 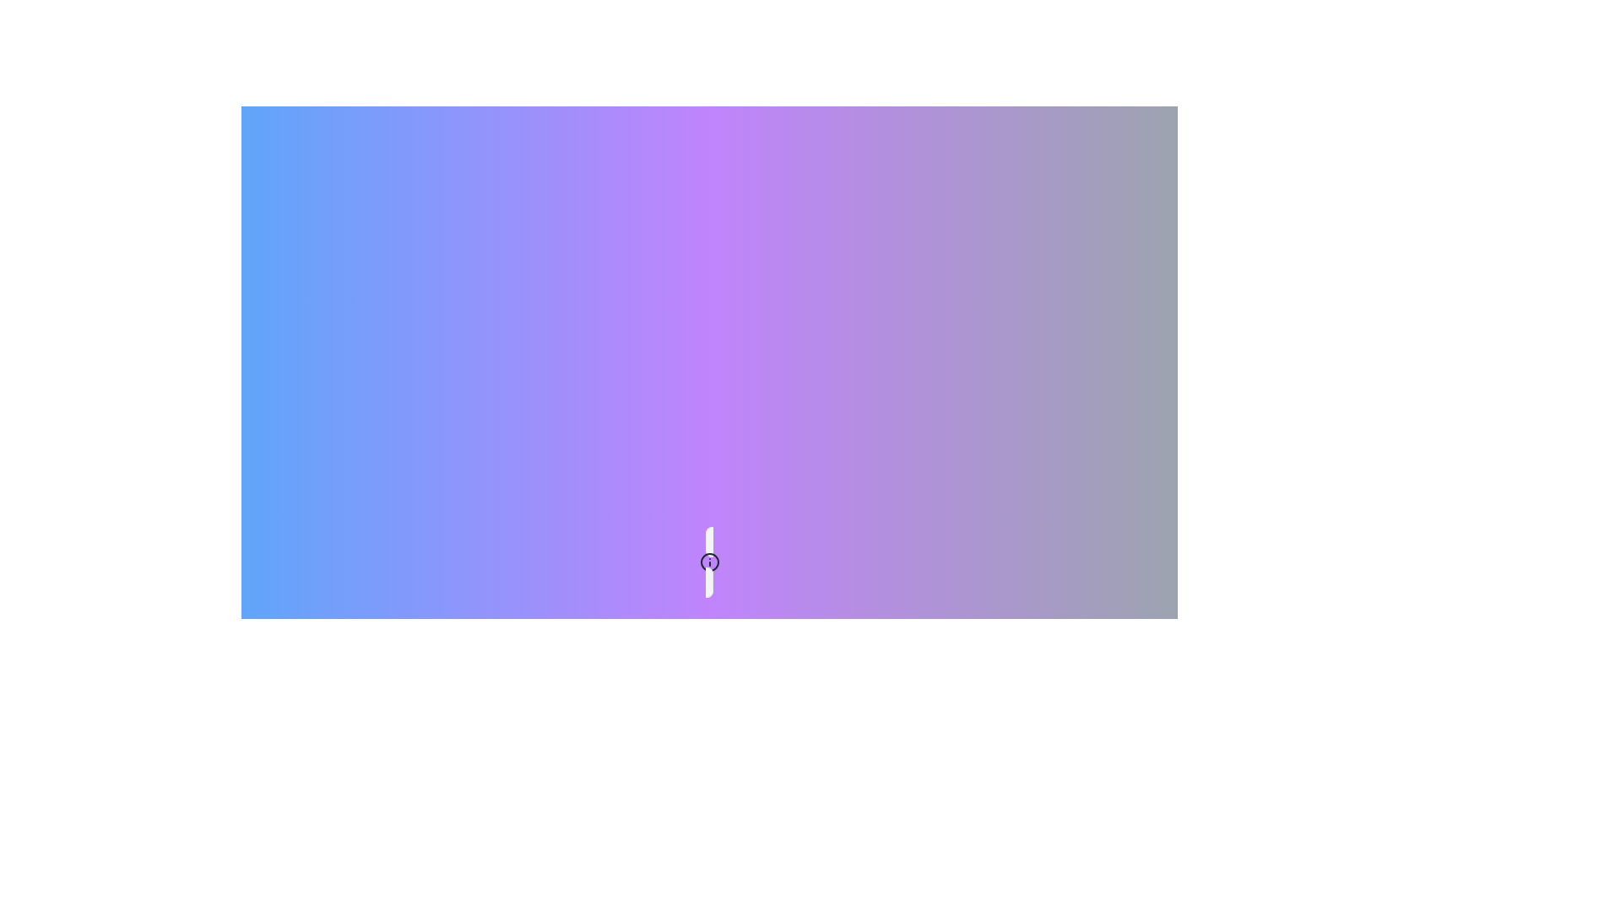 What do you see at coordinates (709, 562) in the screenshot?
I see `the Informational Icon, a circular dark gray icon with a central dot and a vertical line below it` at bounding box center [709, 562].